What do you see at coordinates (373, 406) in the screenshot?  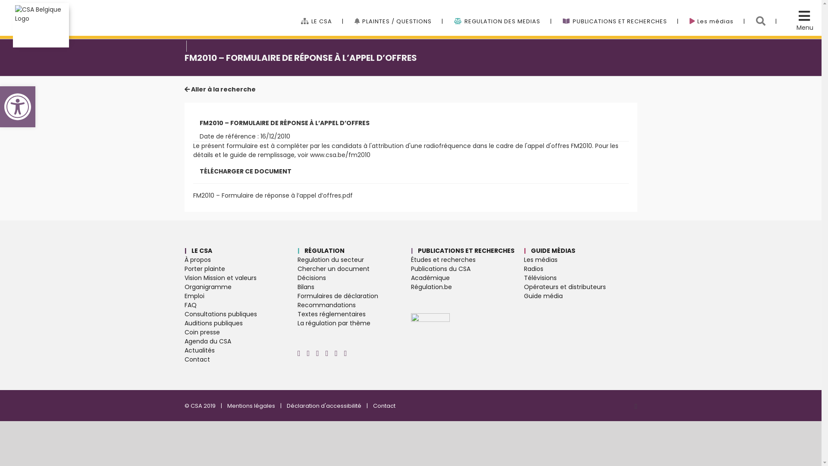 I see `'Contact'` at bounding box center [373, 406].